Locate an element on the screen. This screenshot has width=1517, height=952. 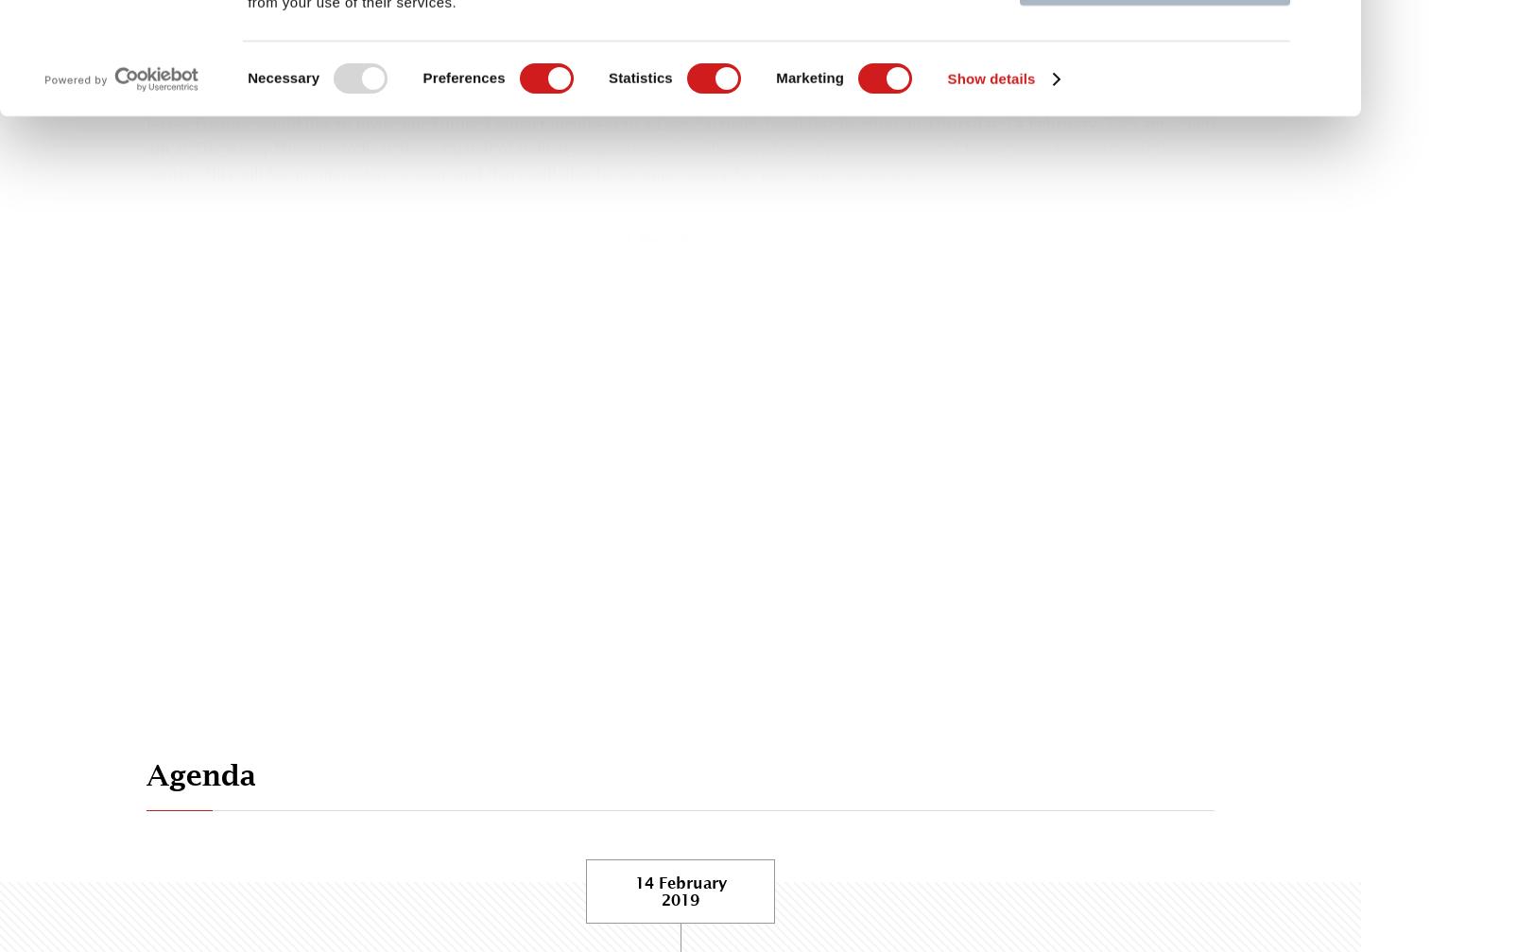
'Did you know for example, that every £1 million generated by the finance industry supports another £300,000 elsewhere in our community? Or that for every 10 jobs in finance, nine more are created elsewhere in the community?' is located at coordinates (676, 62).